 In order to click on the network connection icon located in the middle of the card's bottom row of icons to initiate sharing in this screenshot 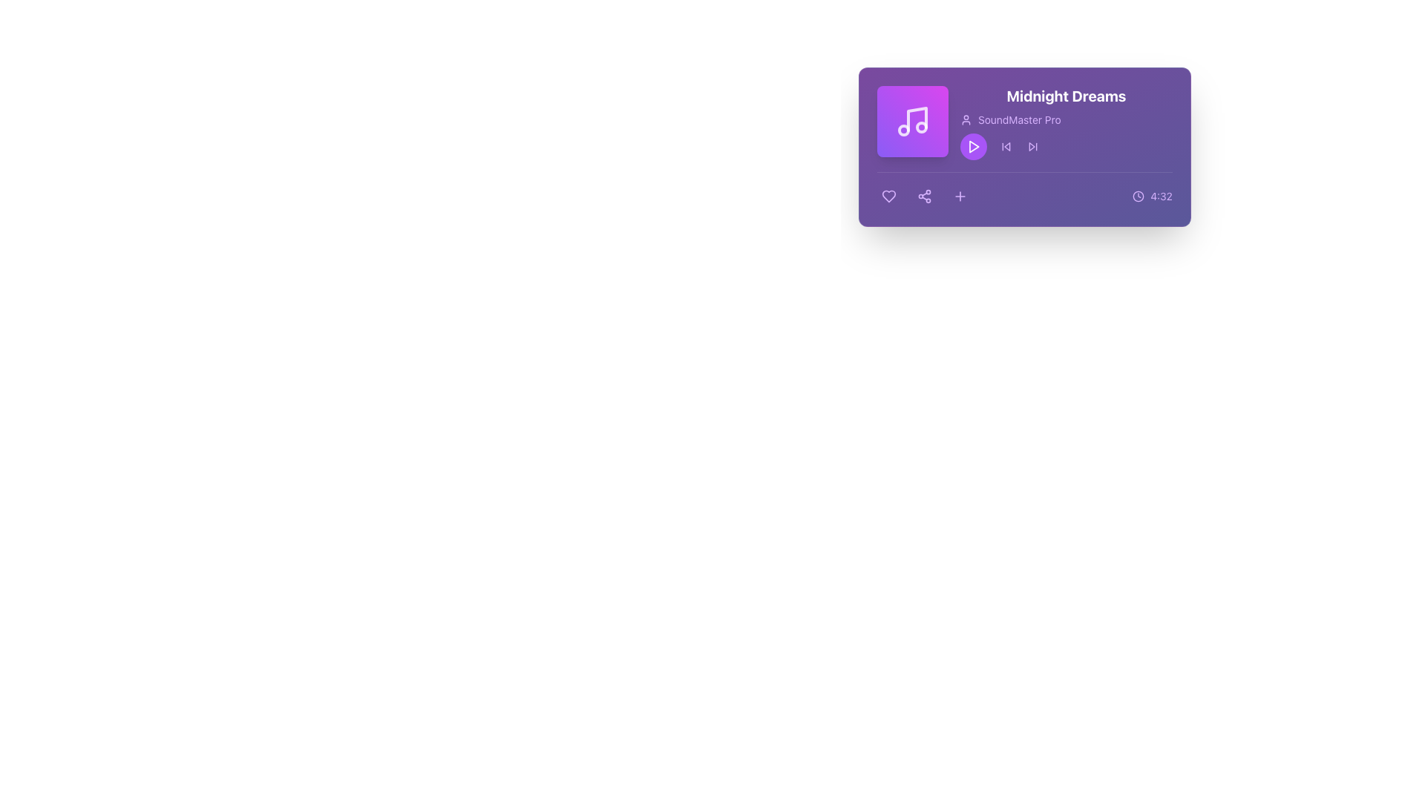, I will do `click(924, 196)`.